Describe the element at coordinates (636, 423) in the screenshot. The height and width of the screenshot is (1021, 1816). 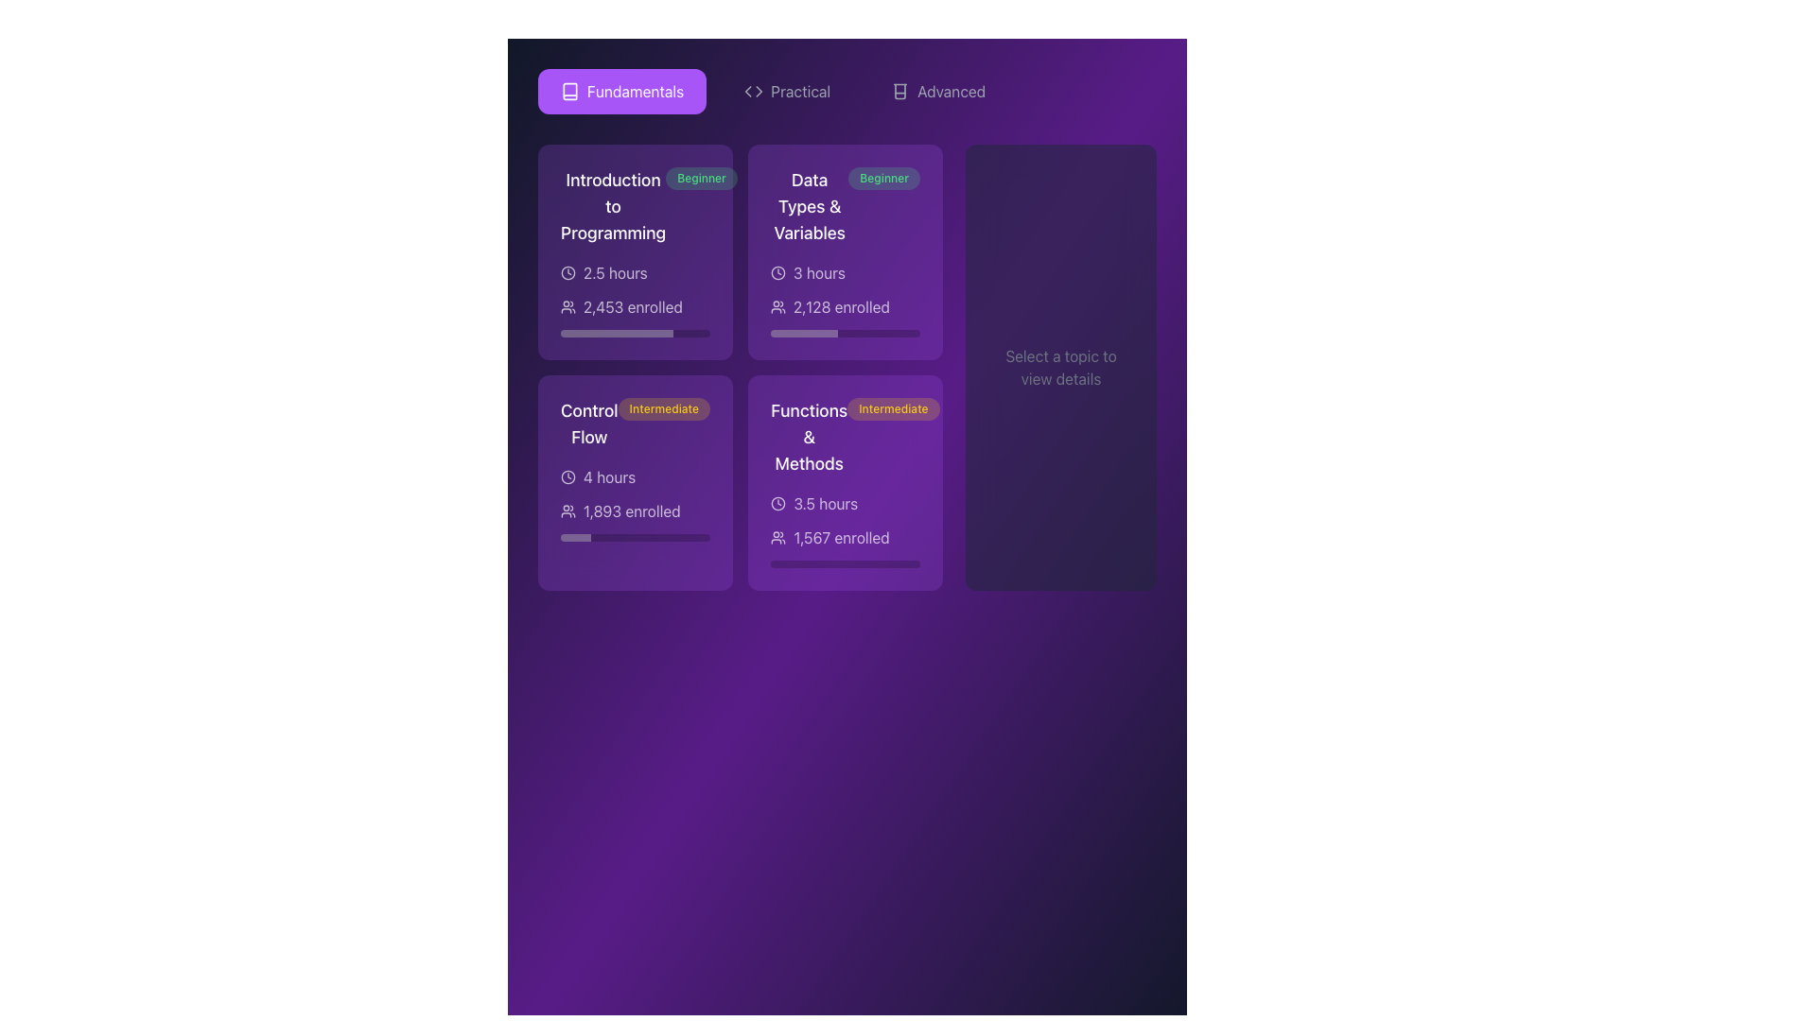
I see `information contained in the composite text label titled 'Control Flow' with the classification label 'Intermediate', which is visually distinct and located in the course card layout` at that location.